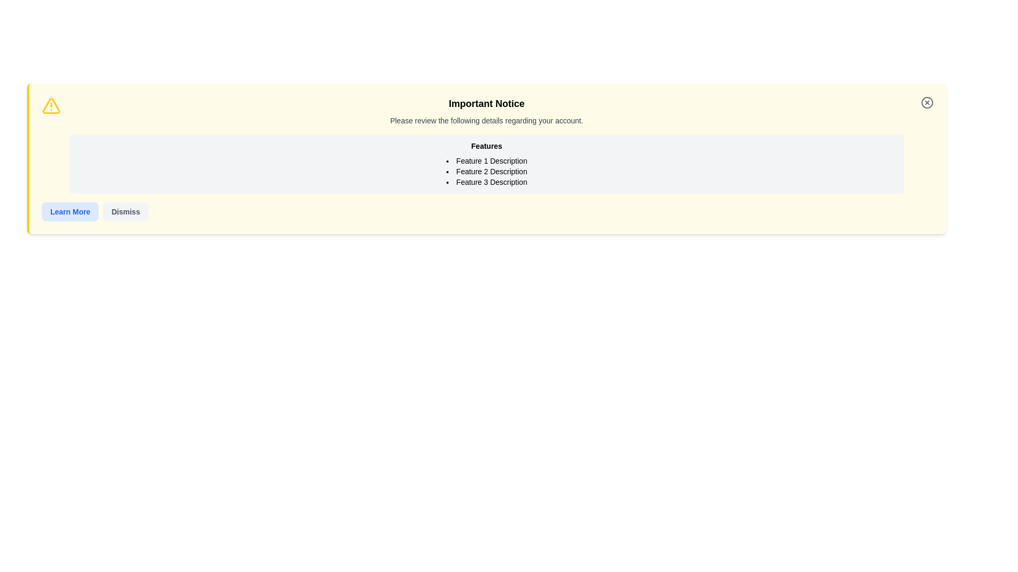 This screenshot has width=1018, height=572. What do you see at coordinates (486, 146) in the screenshot?
I see `the heading text label displaying 'Features' which is centrally located above a list of descriptive items` at bounding box center [486, 146].